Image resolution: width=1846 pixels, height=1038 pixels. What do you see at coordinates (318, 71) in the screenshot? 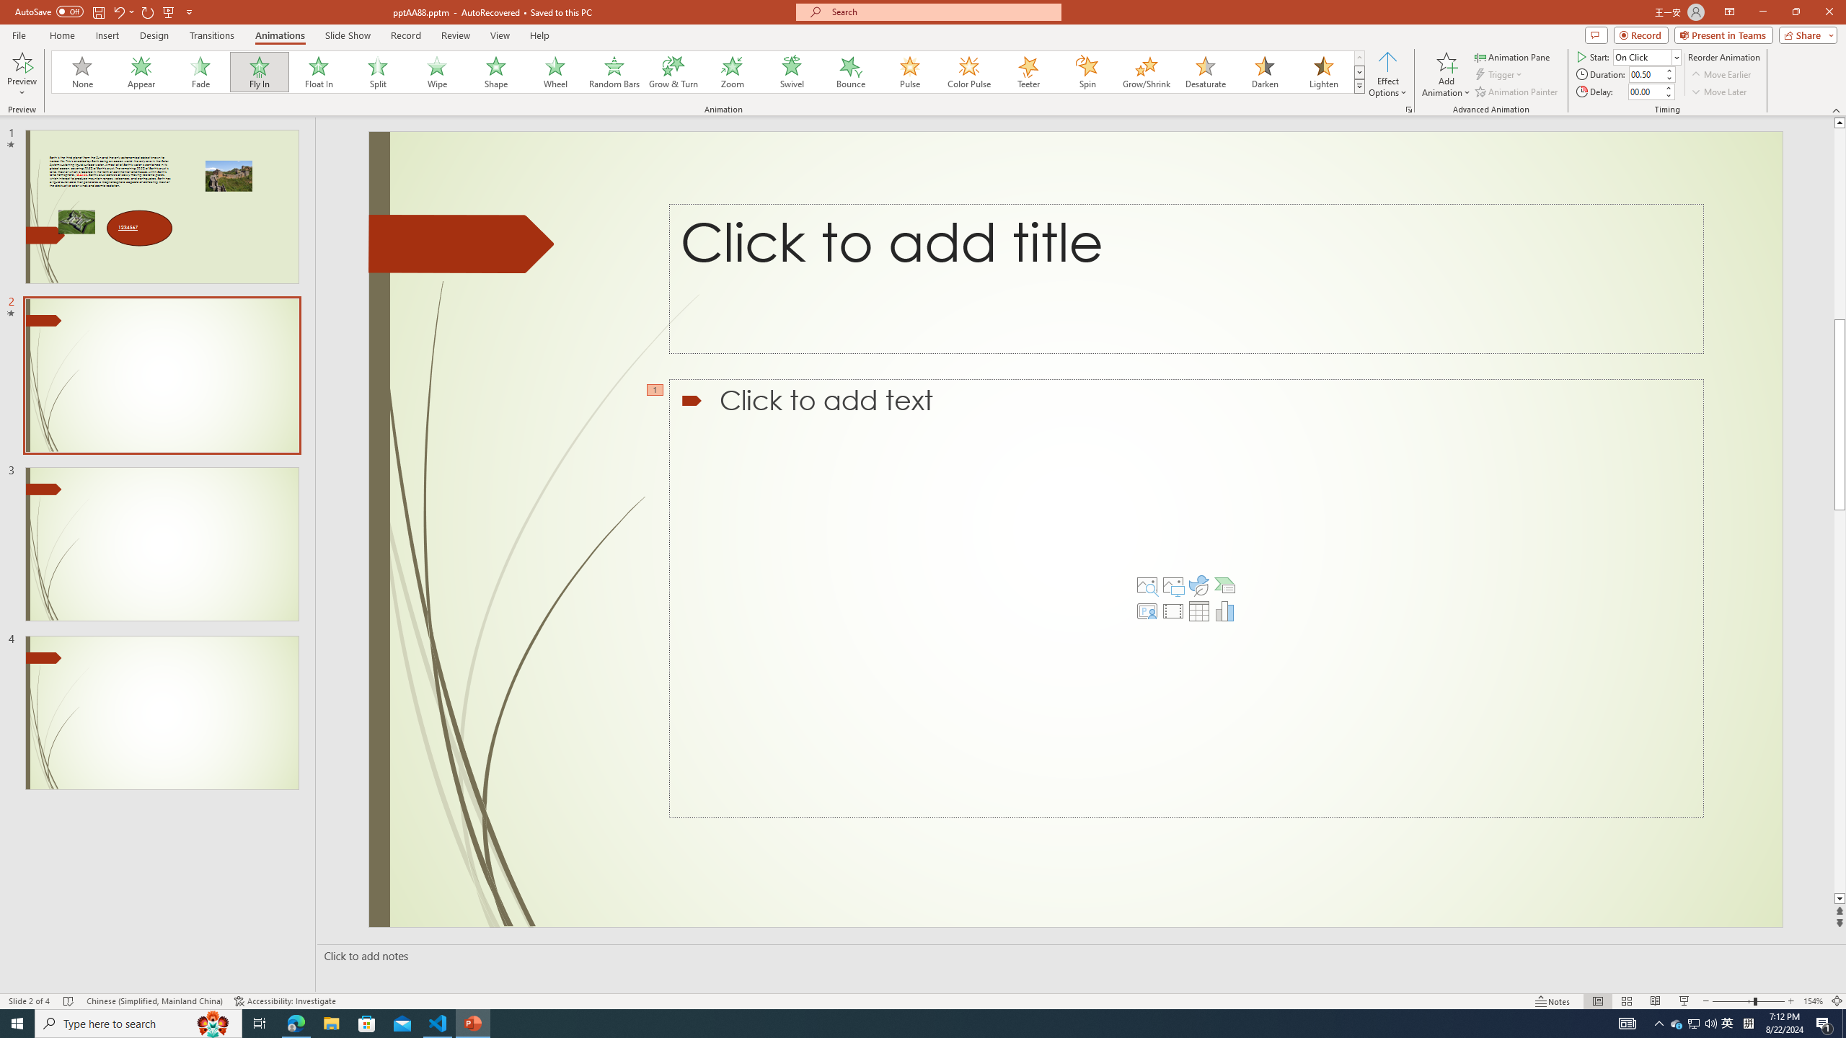
I see `'Float In'` at bounding box center [318, 71].